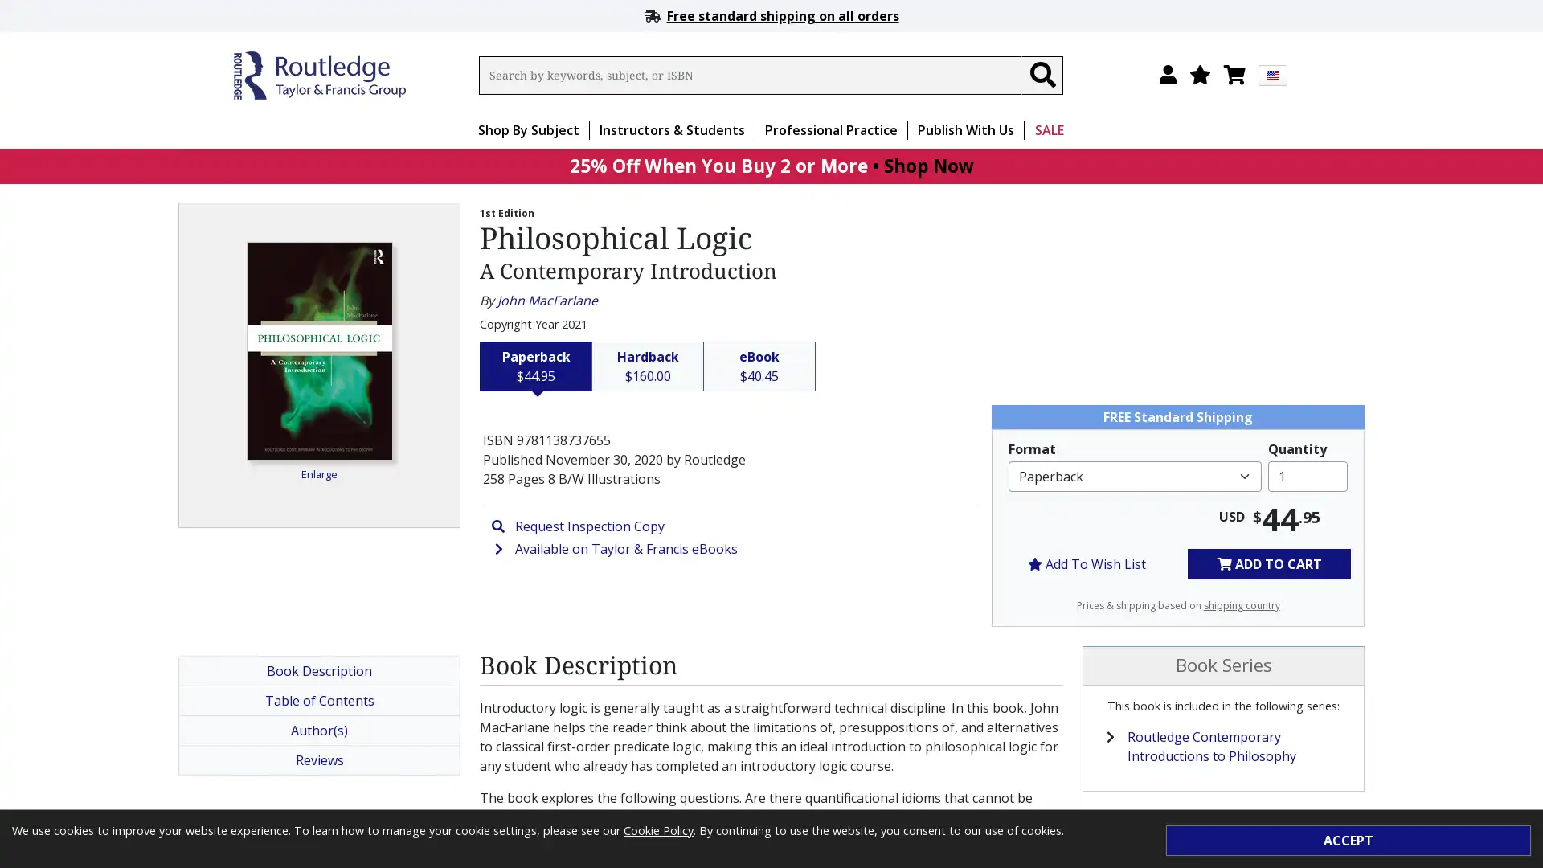 Image resolution: width=1543 pixels, height=868 pixels. Describe the element at coordinates (759, 366) in the screenshot. I see `eBook $40.45` at that location.